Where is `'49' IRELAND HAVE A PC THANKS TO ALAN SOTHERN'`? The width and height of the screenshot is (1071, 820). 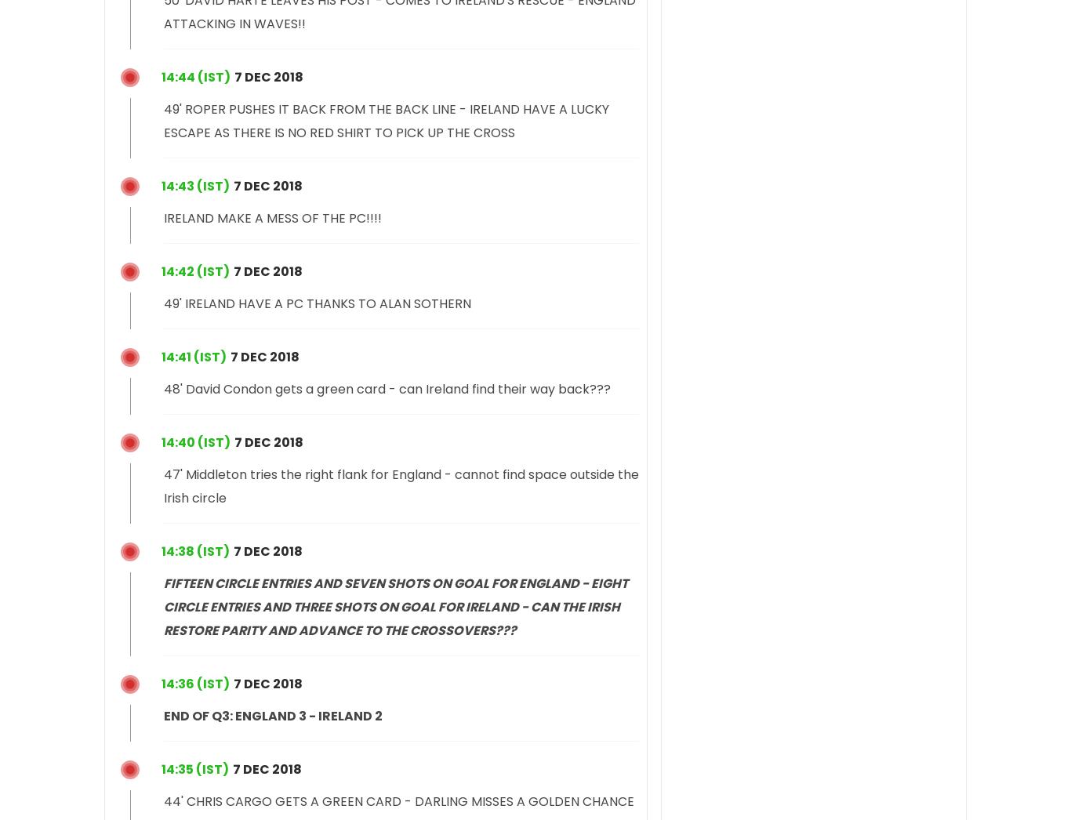 '49' IRELAND HAVE A PC THANKS TO ALAN SOTHERN' is located at coordinates (317, 303).